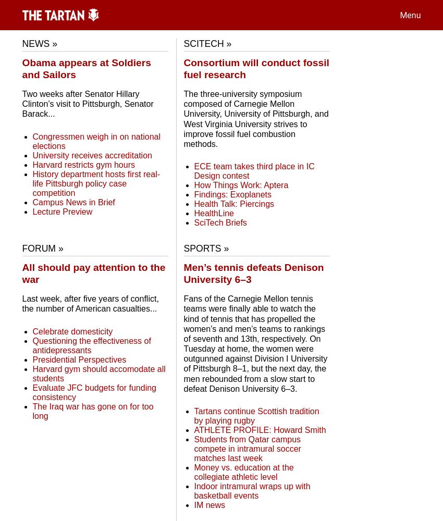 Image resolution: width=443 pixels, height=521 pixels. I want to click on 'Presidential Perspectives', so click(79, 358).